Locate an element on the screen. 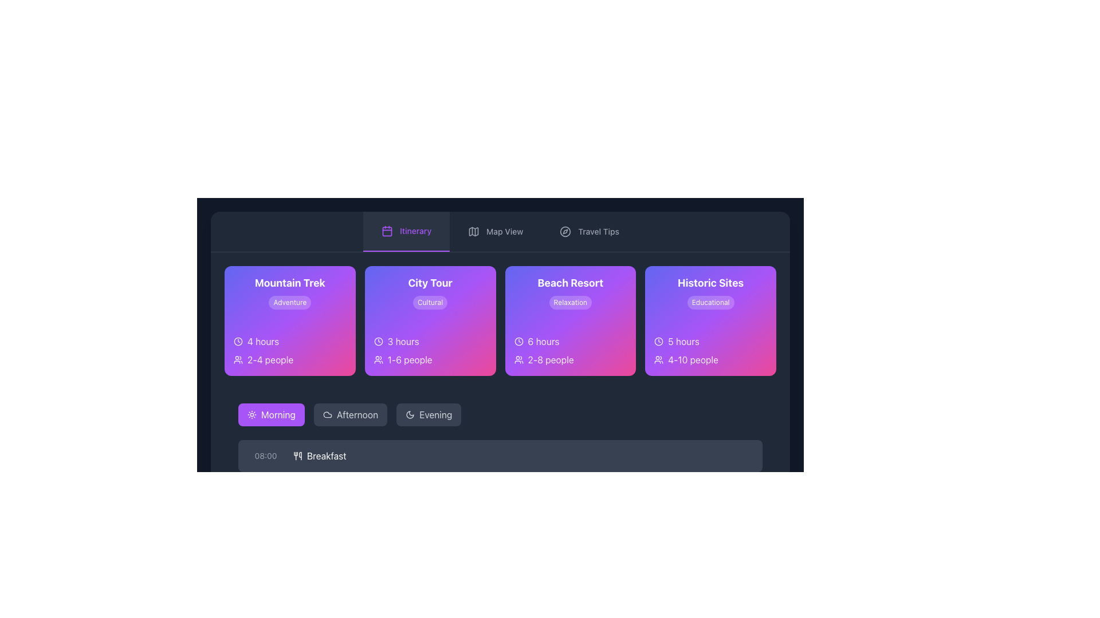 The height and width of the screenshot is (618, 1100). the text '1-6 people' is located at coordinates (410, 359).